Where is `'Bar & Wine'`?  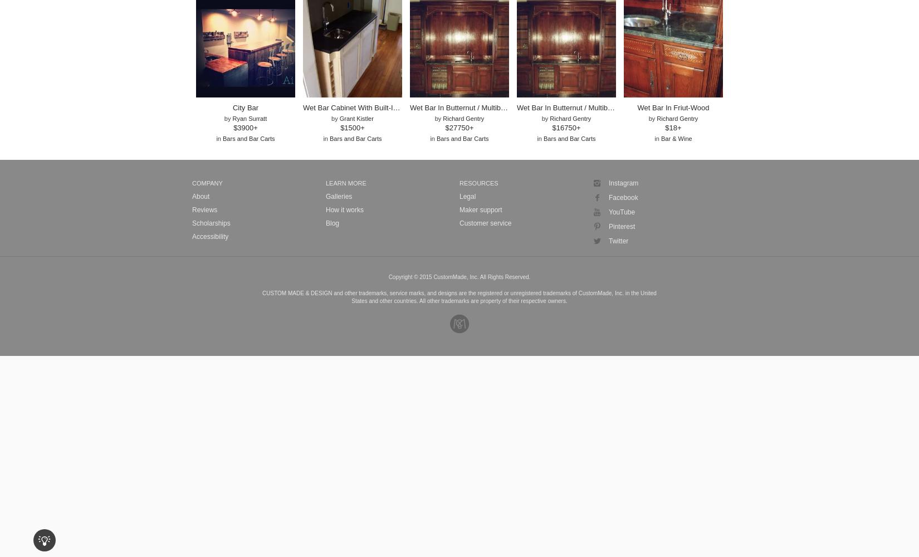
'Bar & Wine' is located at coordinates (661, 138).